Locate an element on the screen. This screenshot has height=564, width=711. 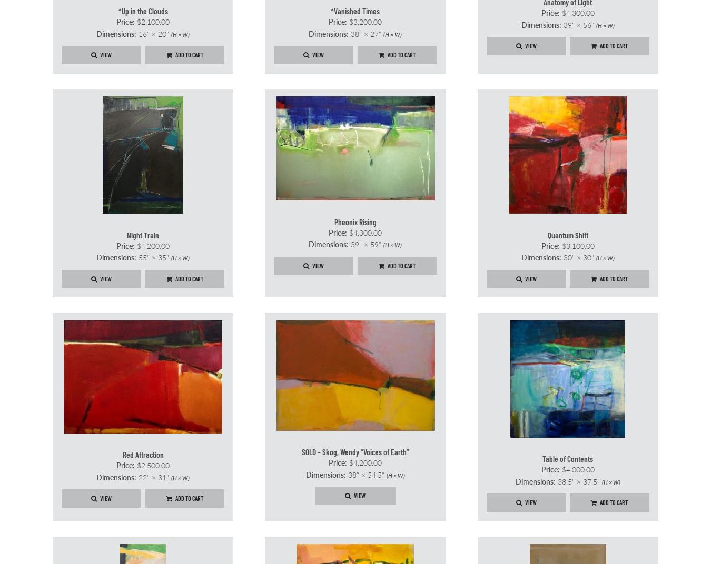
'$2,100.00' is located at coordinates (152, 21).